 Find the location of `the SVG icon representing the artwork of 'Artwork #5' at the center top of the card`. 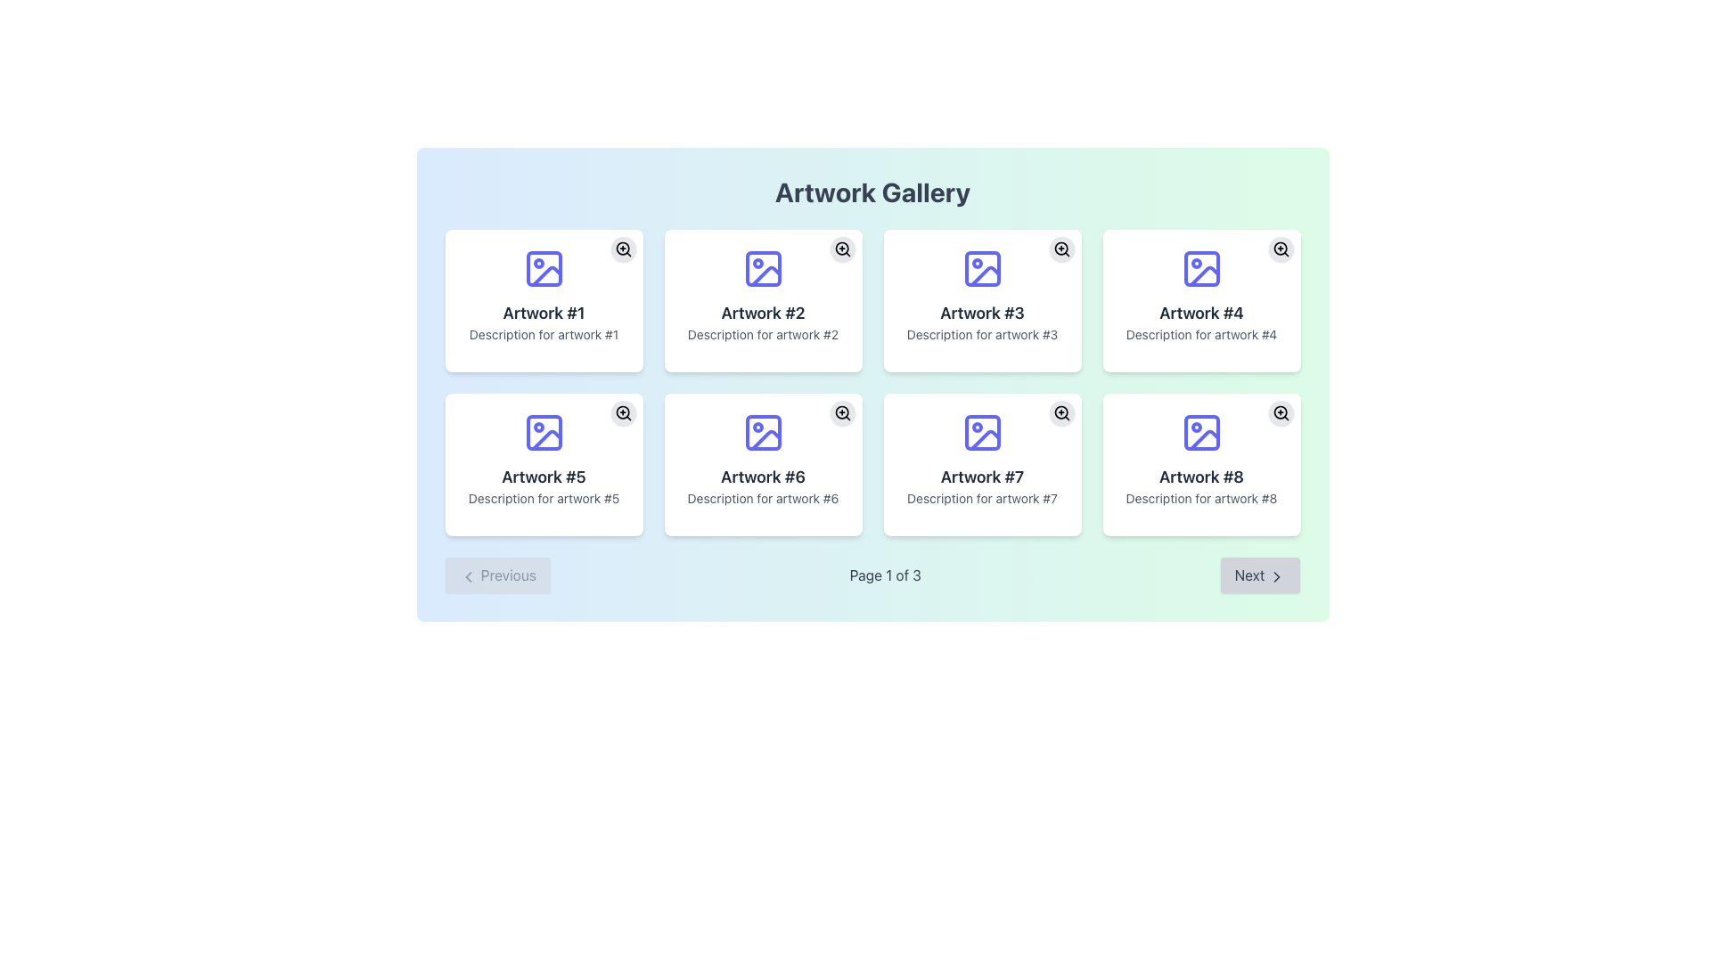

the SVG icon representing the artwork of 'Artwork #5' at the center top of the card is located at coordinates (543, 433).